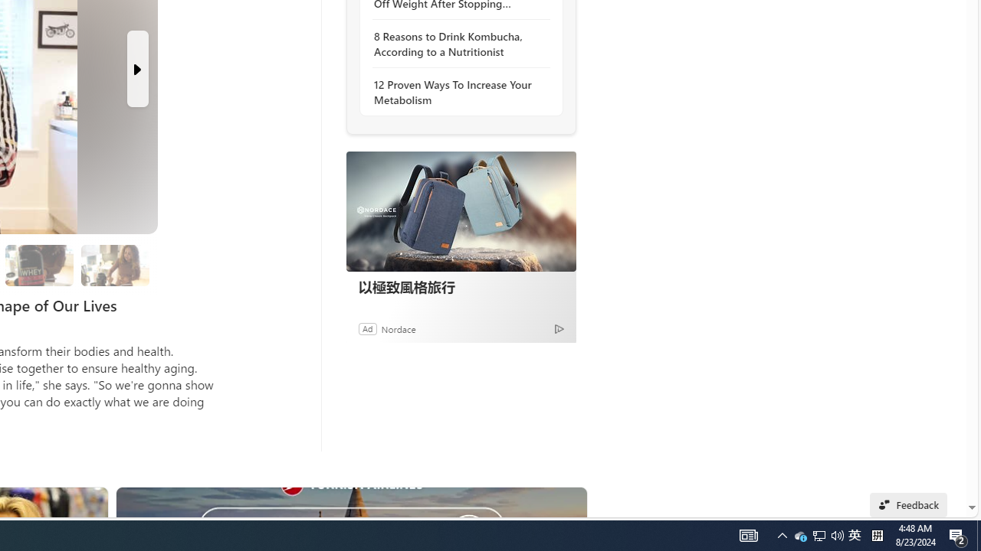 The height and width of the screenshot is (551, 981). Describe the element at coordinates (114, 262) in the screenshot. I see `'Class: progress'` at that location.